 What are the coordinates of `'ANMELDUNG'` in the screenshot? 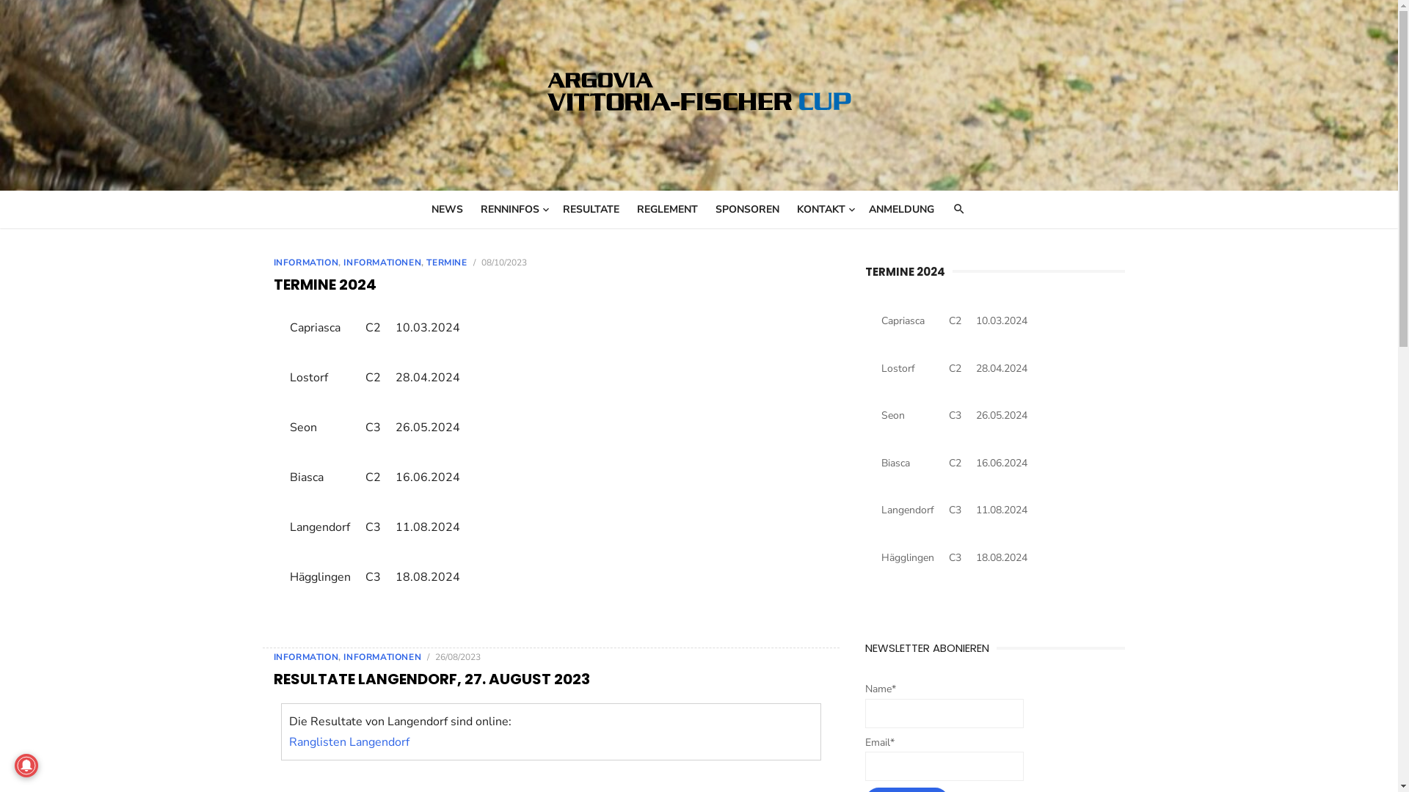 It's located at (900, 209).